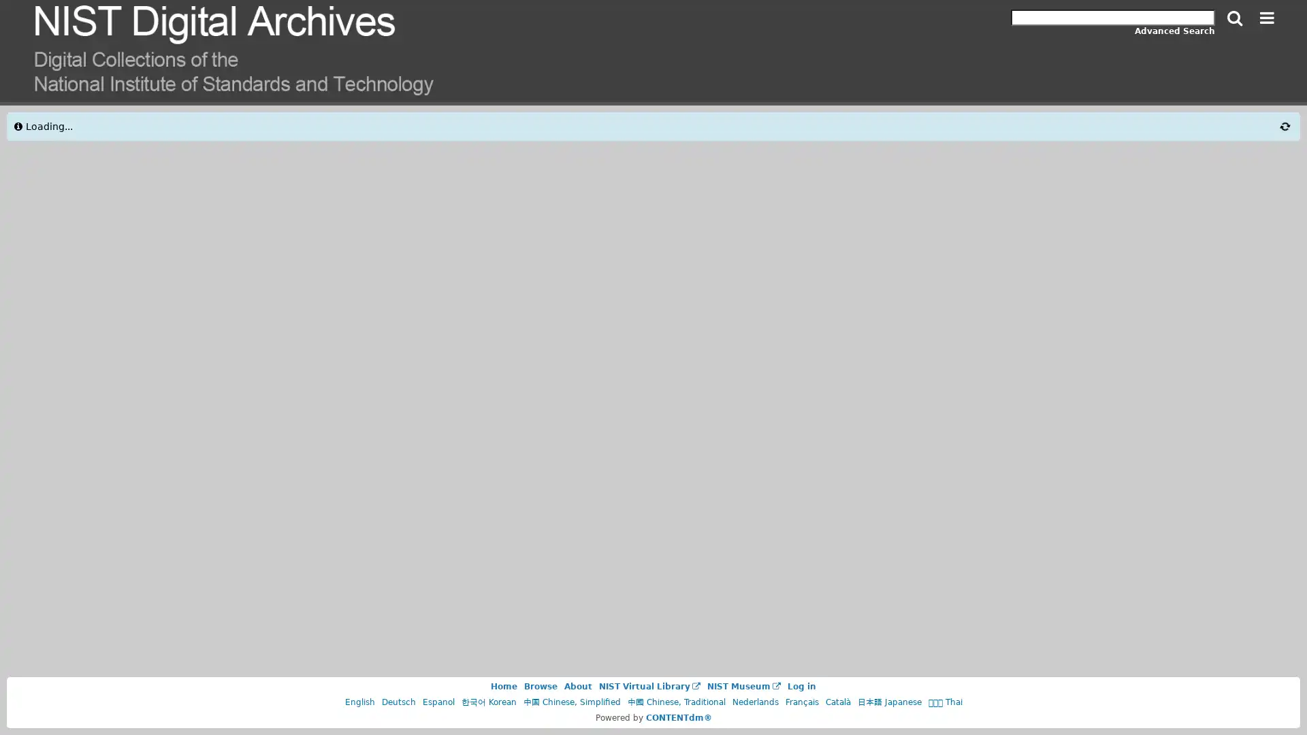 This screenshot has width=1307, height=735. I want to click on Search, so click(1235, 18).